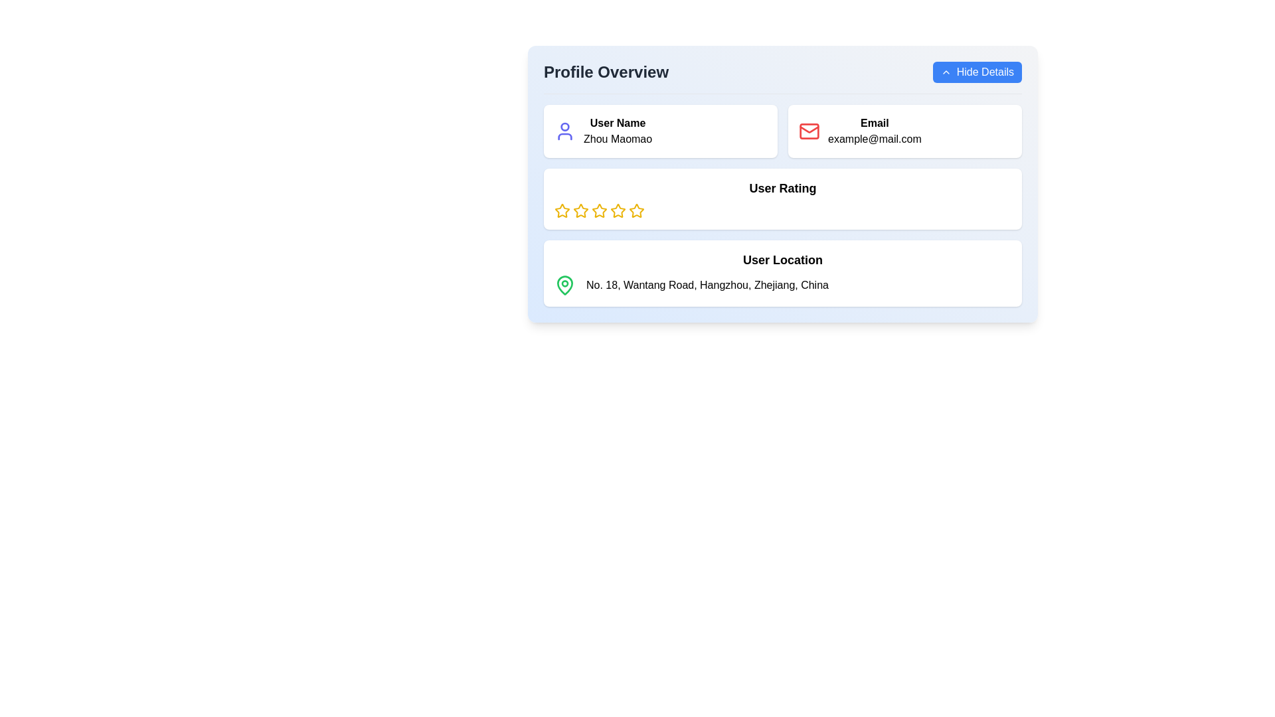 The height and width of the screenshot is (717, 1275). Describe the element at coordinates (564, 136) in the screenshot. I see `the lower curved part of the user icon located in the profile section above the 'User Name' field and next to the email icon` at that location.